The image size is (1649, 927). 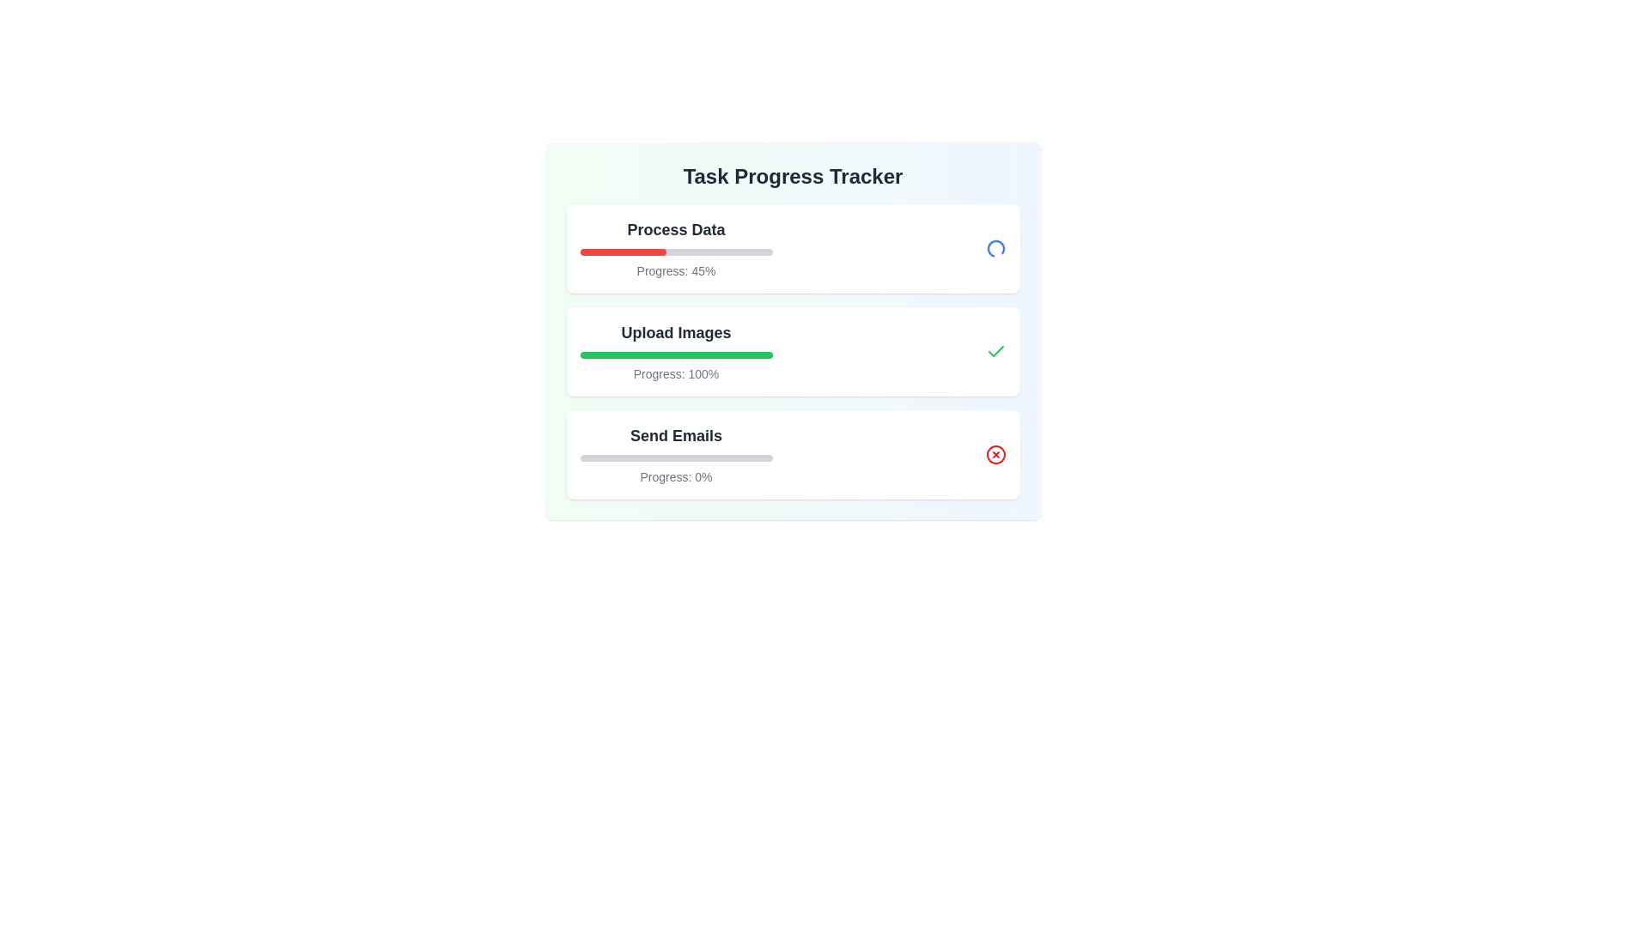 I want to click on the completion status icon located at the far right corner of the 'Upload Images' task card, which indicates that the 'Upload Images' task has been successfully finished, so click(x=995, y=350).